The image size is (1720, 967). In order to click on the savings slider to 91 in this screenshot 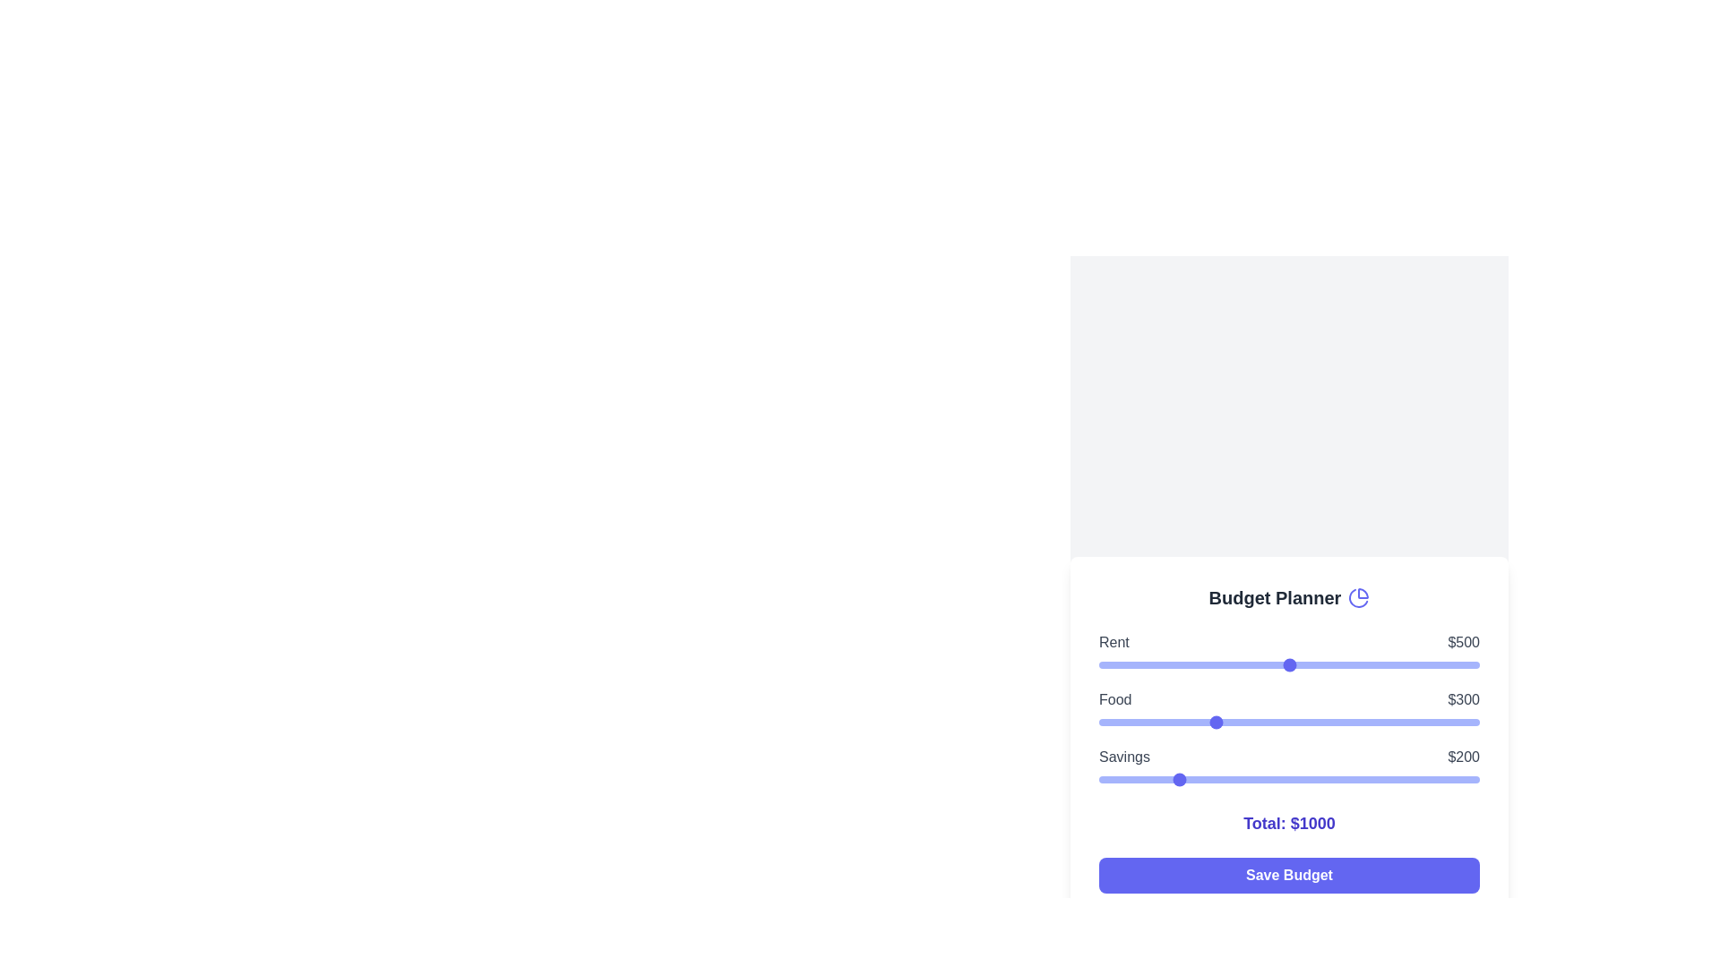, I will do `click(1132, 779)`.